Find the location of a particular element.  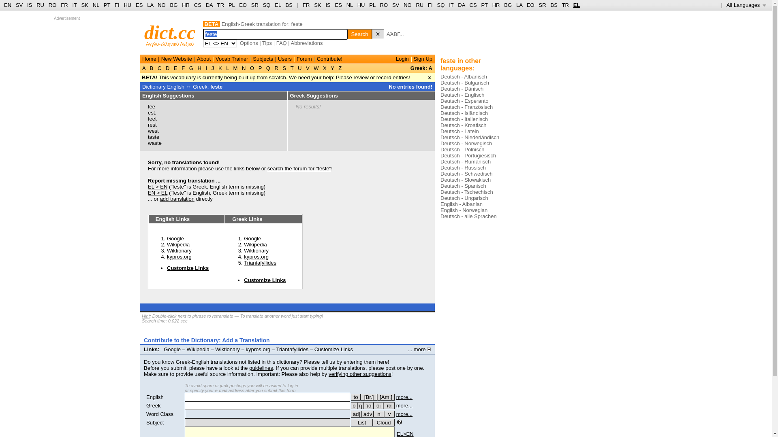

'dict.cc' is located at coordinates (169, 32).